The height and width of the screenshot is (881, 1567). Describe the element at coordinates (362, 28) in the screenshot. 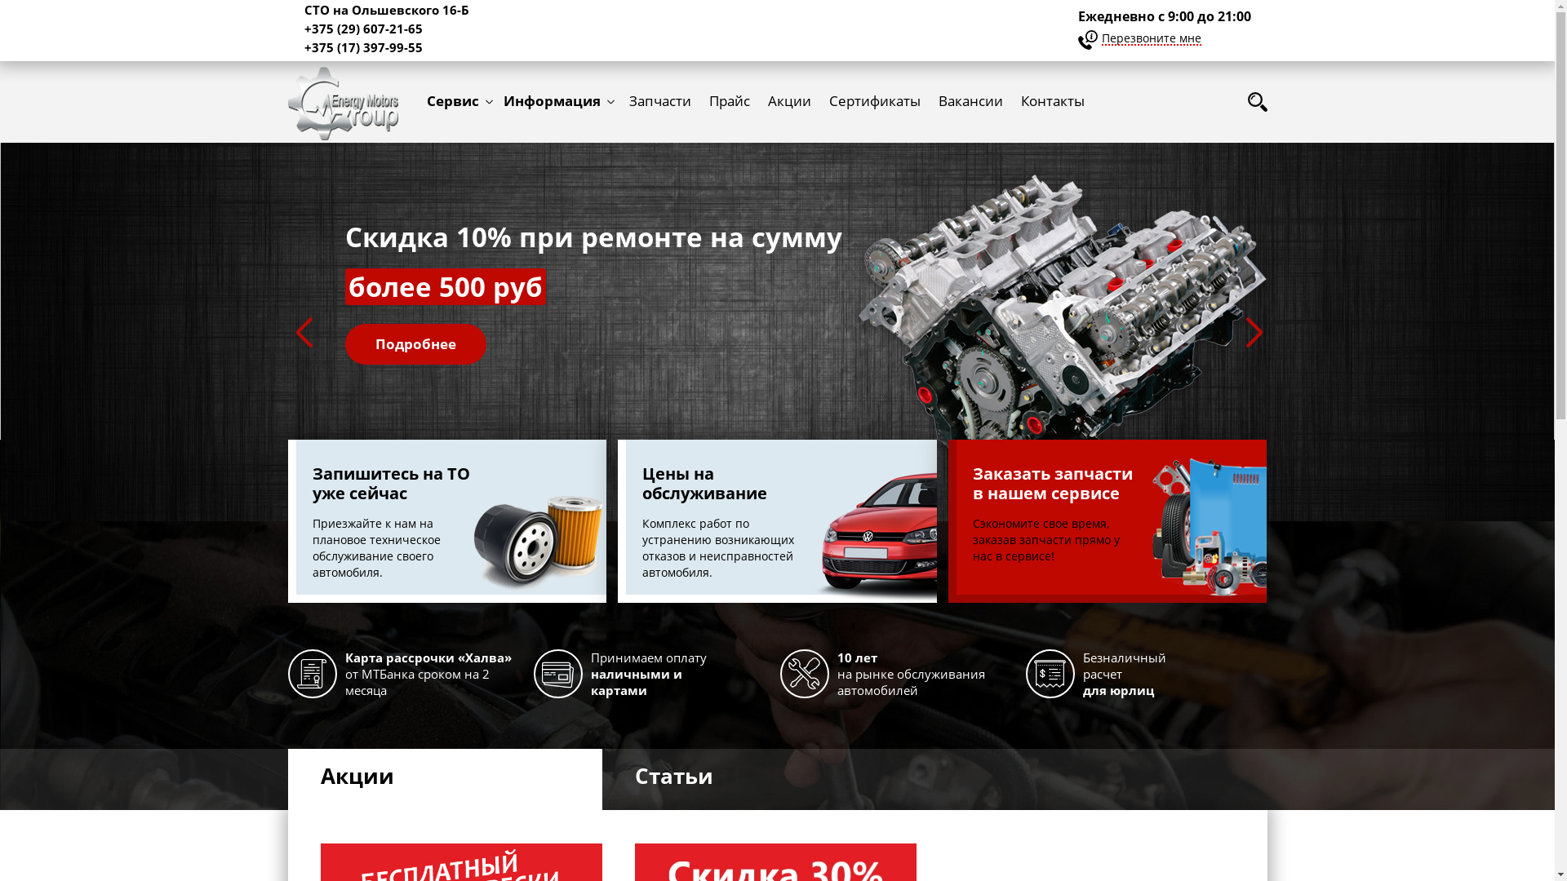

I see `'+375 (29) 607-21-65'` at that location.